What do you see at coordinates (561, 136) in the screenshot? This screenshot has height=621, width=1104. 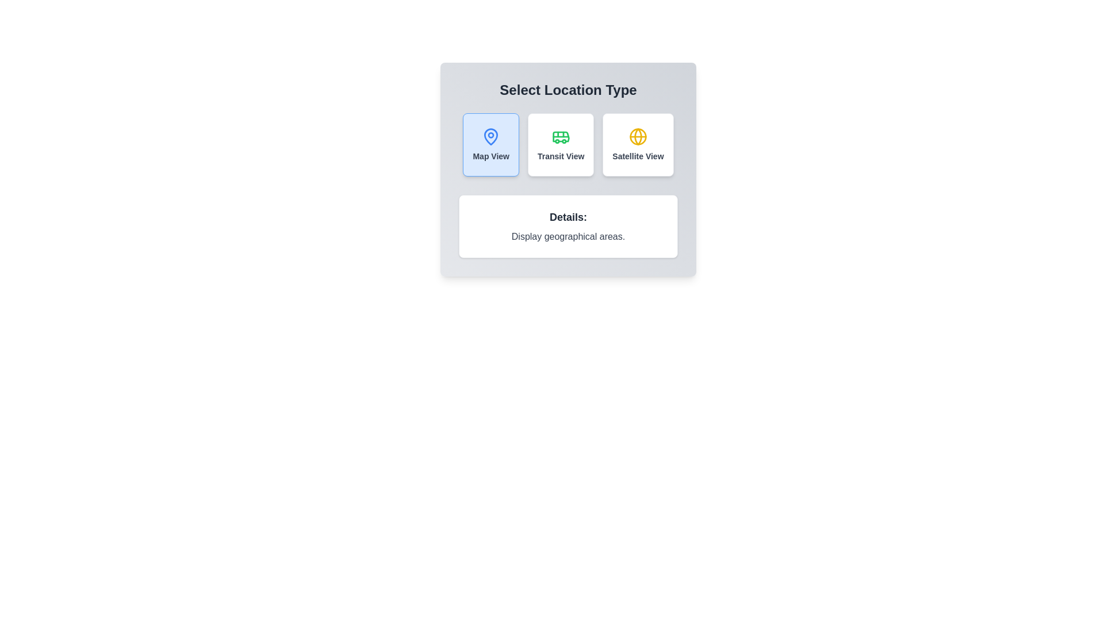 I see `the green bus icon located in the 'Transit View' option, which is positioned between 'Map View' and 'Satellite View' under 'Select Location Type'` at bounding box center [561, 136].